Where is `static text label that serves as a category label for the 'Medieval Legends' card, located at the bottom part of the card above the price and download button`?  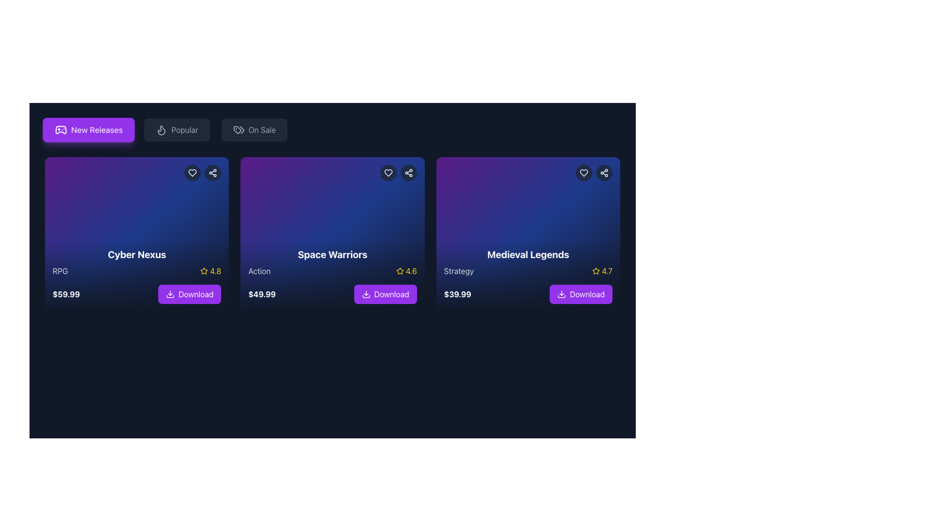 static text label that serves as a category label for the 'Medieval Legends' card, located at the bottom part of the card above the price and download button is located at coordinates (458, 271).